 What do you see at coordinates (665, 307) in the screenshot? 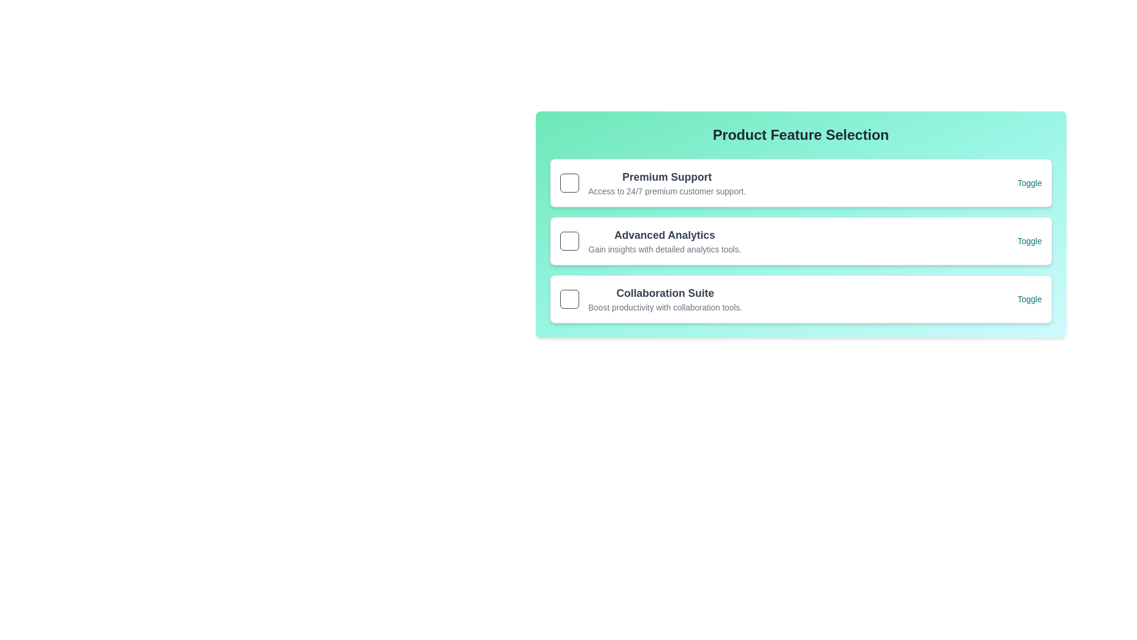
I see `the descriptive text label for the 'Collaboration Suite' feature, which provides information about its functionality and benefits, located beneath its heading` at bounding box center [665, 307].